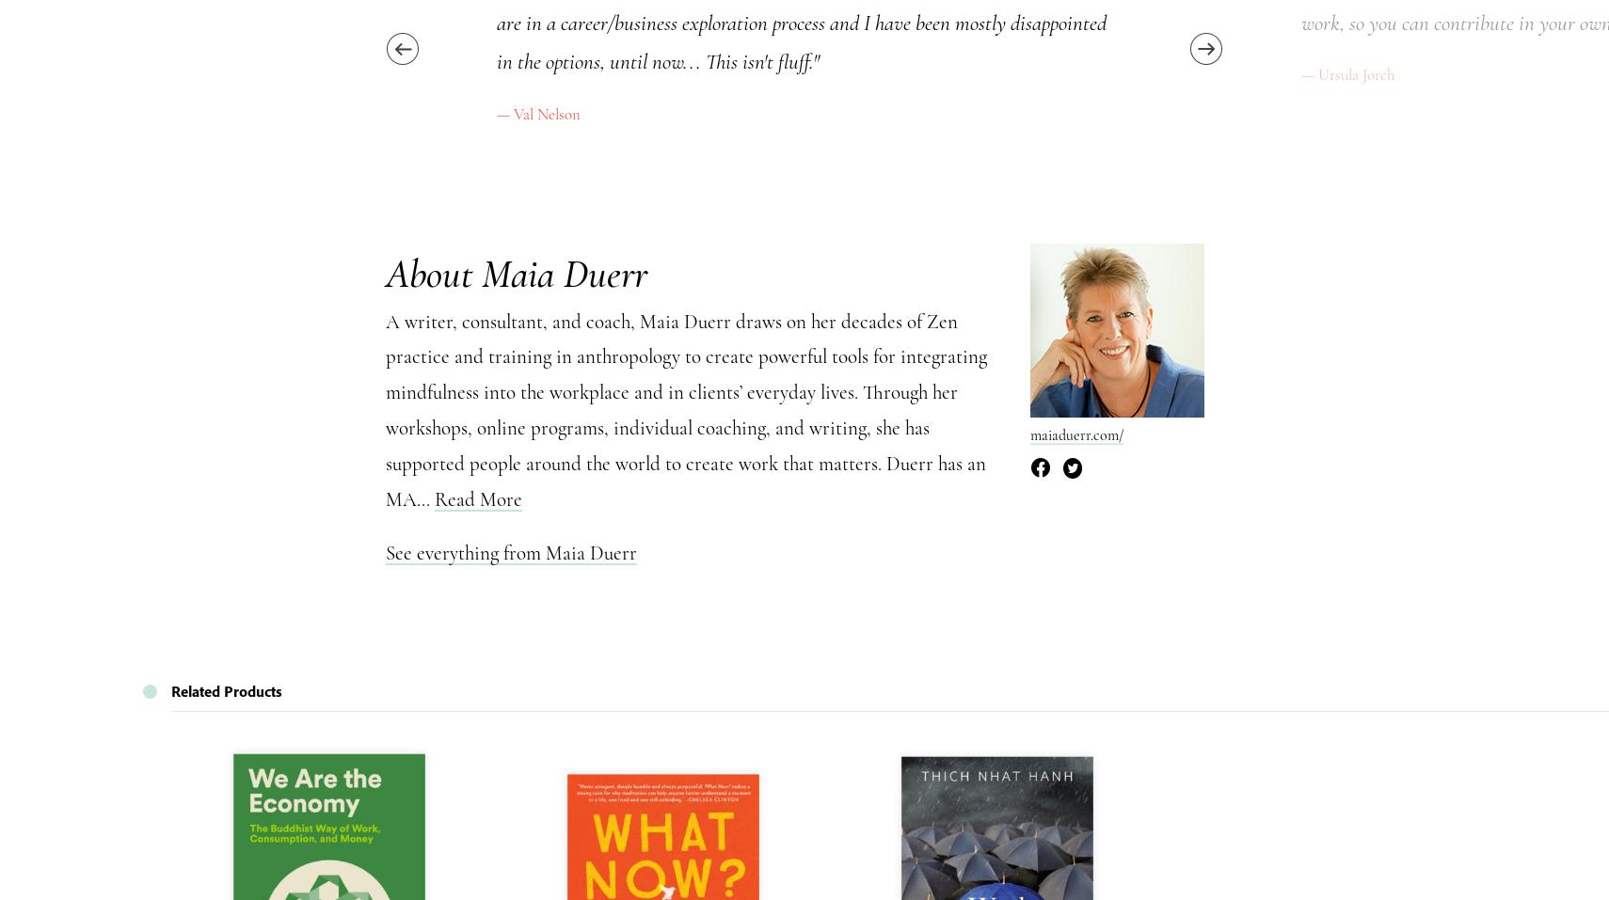 This screenshot has height=900, width=1609. Describe the element at coordinates (636, 31) in the screenshot. I see `'Information for our Authors'` at that location.